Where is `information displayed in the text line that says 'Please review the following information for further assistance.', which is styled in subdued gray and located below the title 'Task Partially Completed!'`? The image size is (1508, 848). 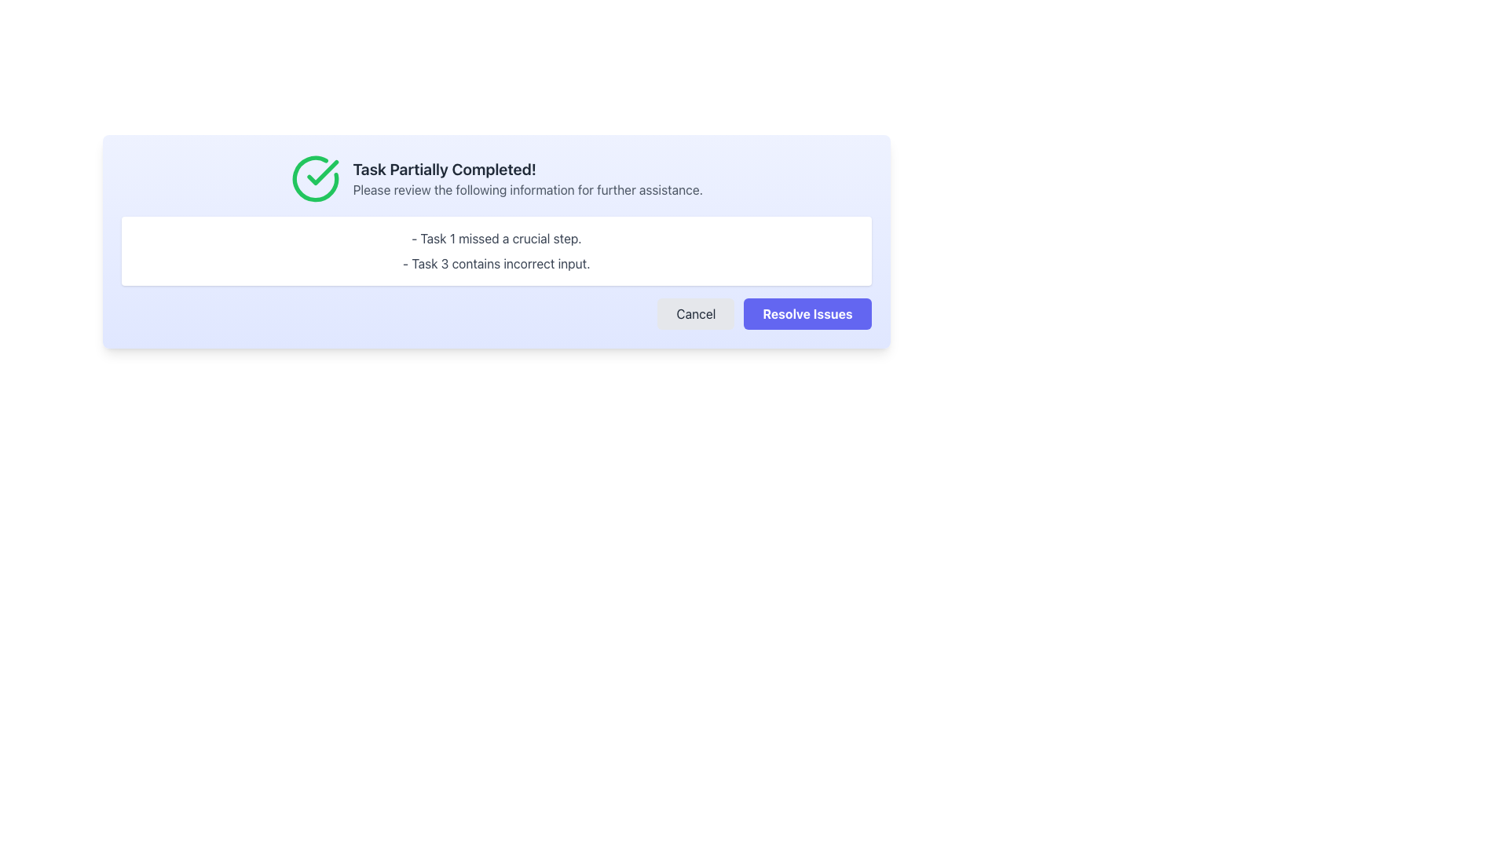 information displayed in the text line that says 'Please review the following information for further assistance.', which is styled in subdued gray and located below the title 'Task Partially Completed!' is located at coordinates (528, 189).